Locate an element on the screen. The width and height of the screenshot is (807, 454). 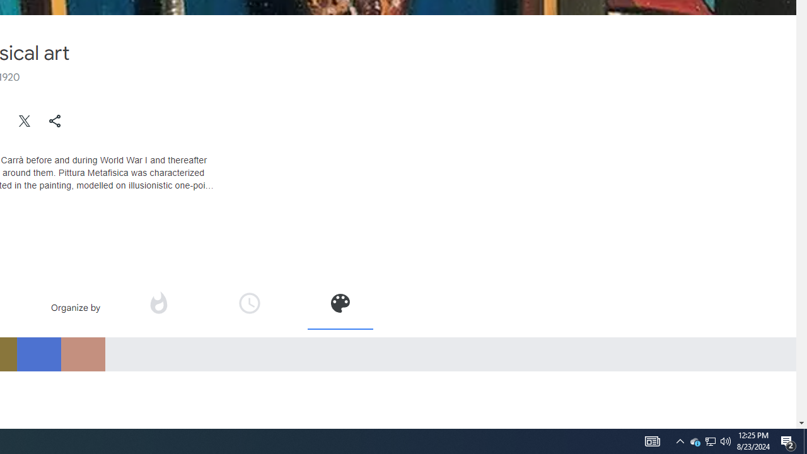
'Organize by popularity' is located at coordinates (157, 303).